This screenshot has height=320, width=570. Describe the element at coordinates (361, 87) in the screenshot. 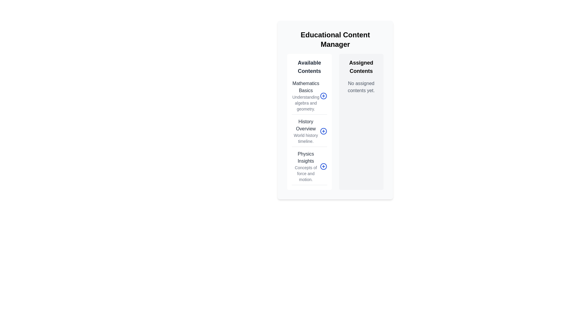

I see `the static text label indicating that no items have currently been assigned, located below the title 'Assigned Contents' and centered horizontally in its bounding box` at that location.